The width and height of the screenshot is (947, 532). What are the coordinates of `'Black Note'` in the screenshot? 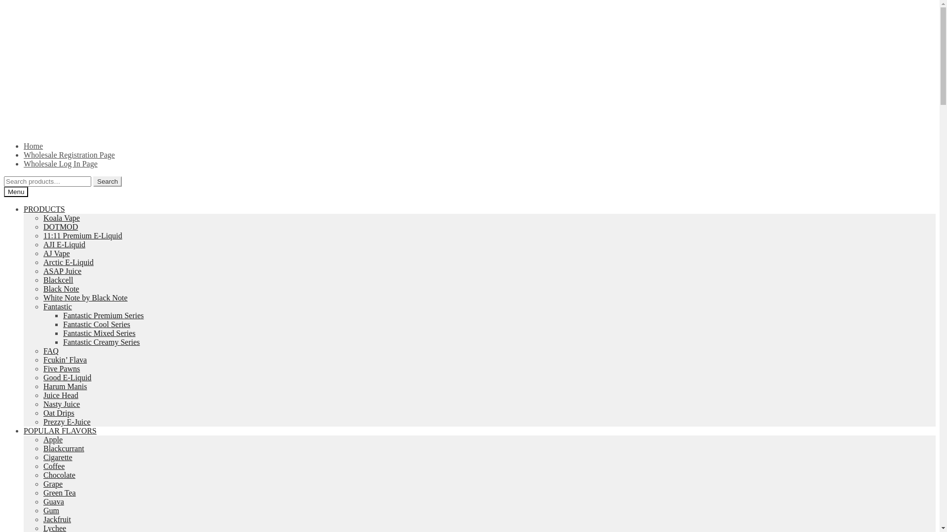 It's located at (61, 288).